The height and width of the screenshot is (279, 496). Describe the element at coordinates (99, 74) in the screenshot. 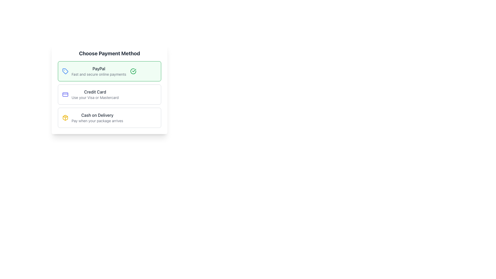

I see `text label that states 'Fast and secure online payments', which is styled in gray and positioned below the bold 'PayPal' text in the payment options list` at that location.